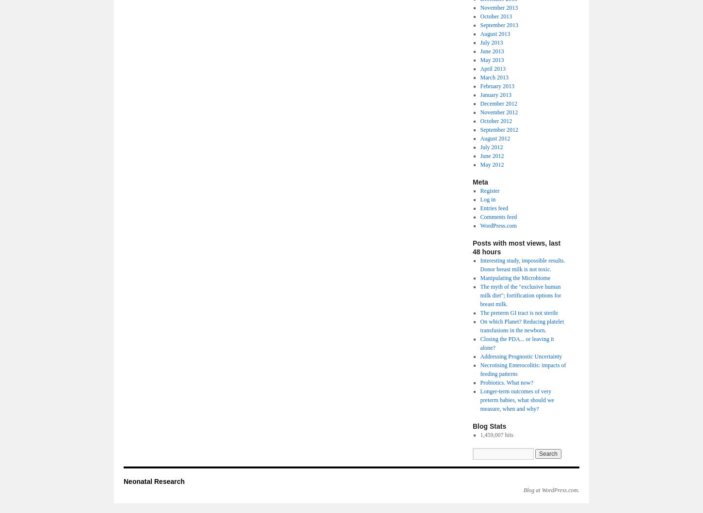  What do you see at coordinates (515, 277) in the screenshot?
I see `'Manipulating the Microbiome'` at bounding box center [515, 277].